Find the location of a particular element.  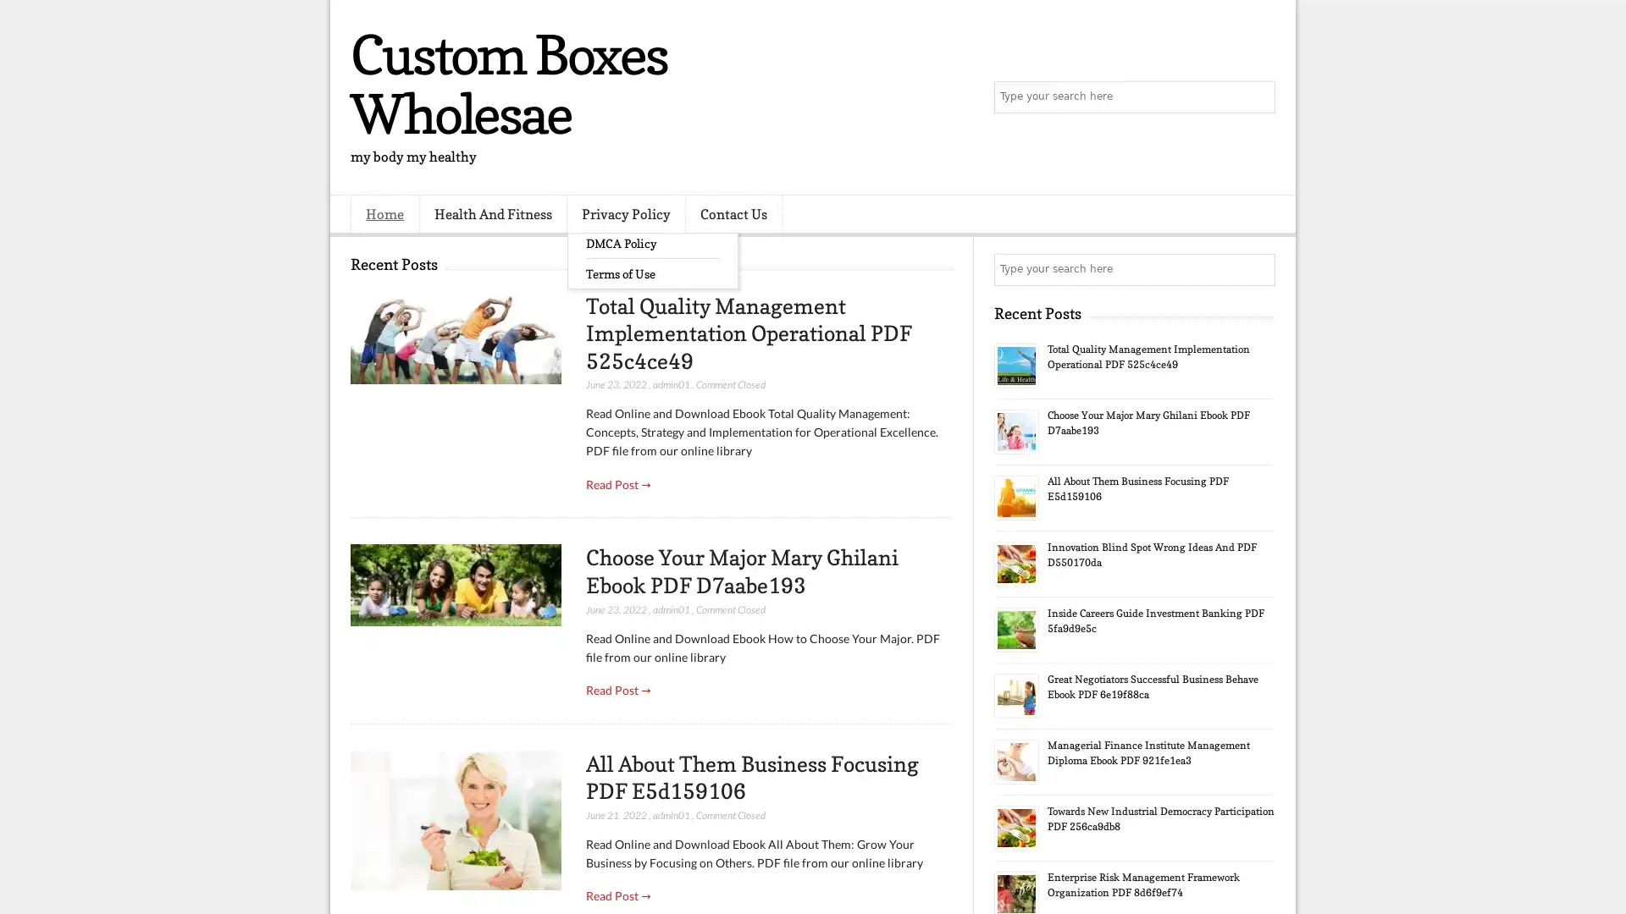

Search is located at coordinates (1258, 269).